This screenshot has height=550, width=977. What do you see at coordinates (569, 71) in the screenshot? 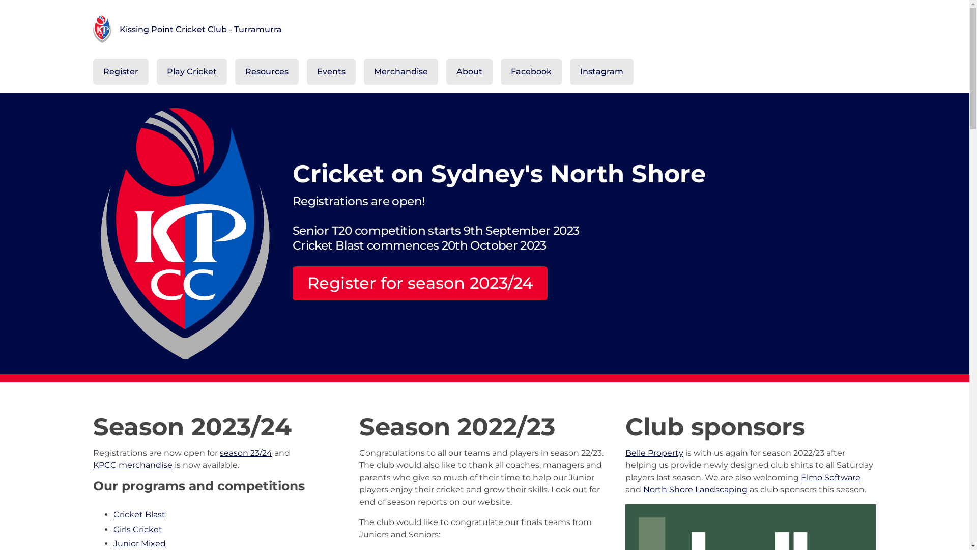
I see `'Instagram'` at bounding box center [569, 71].